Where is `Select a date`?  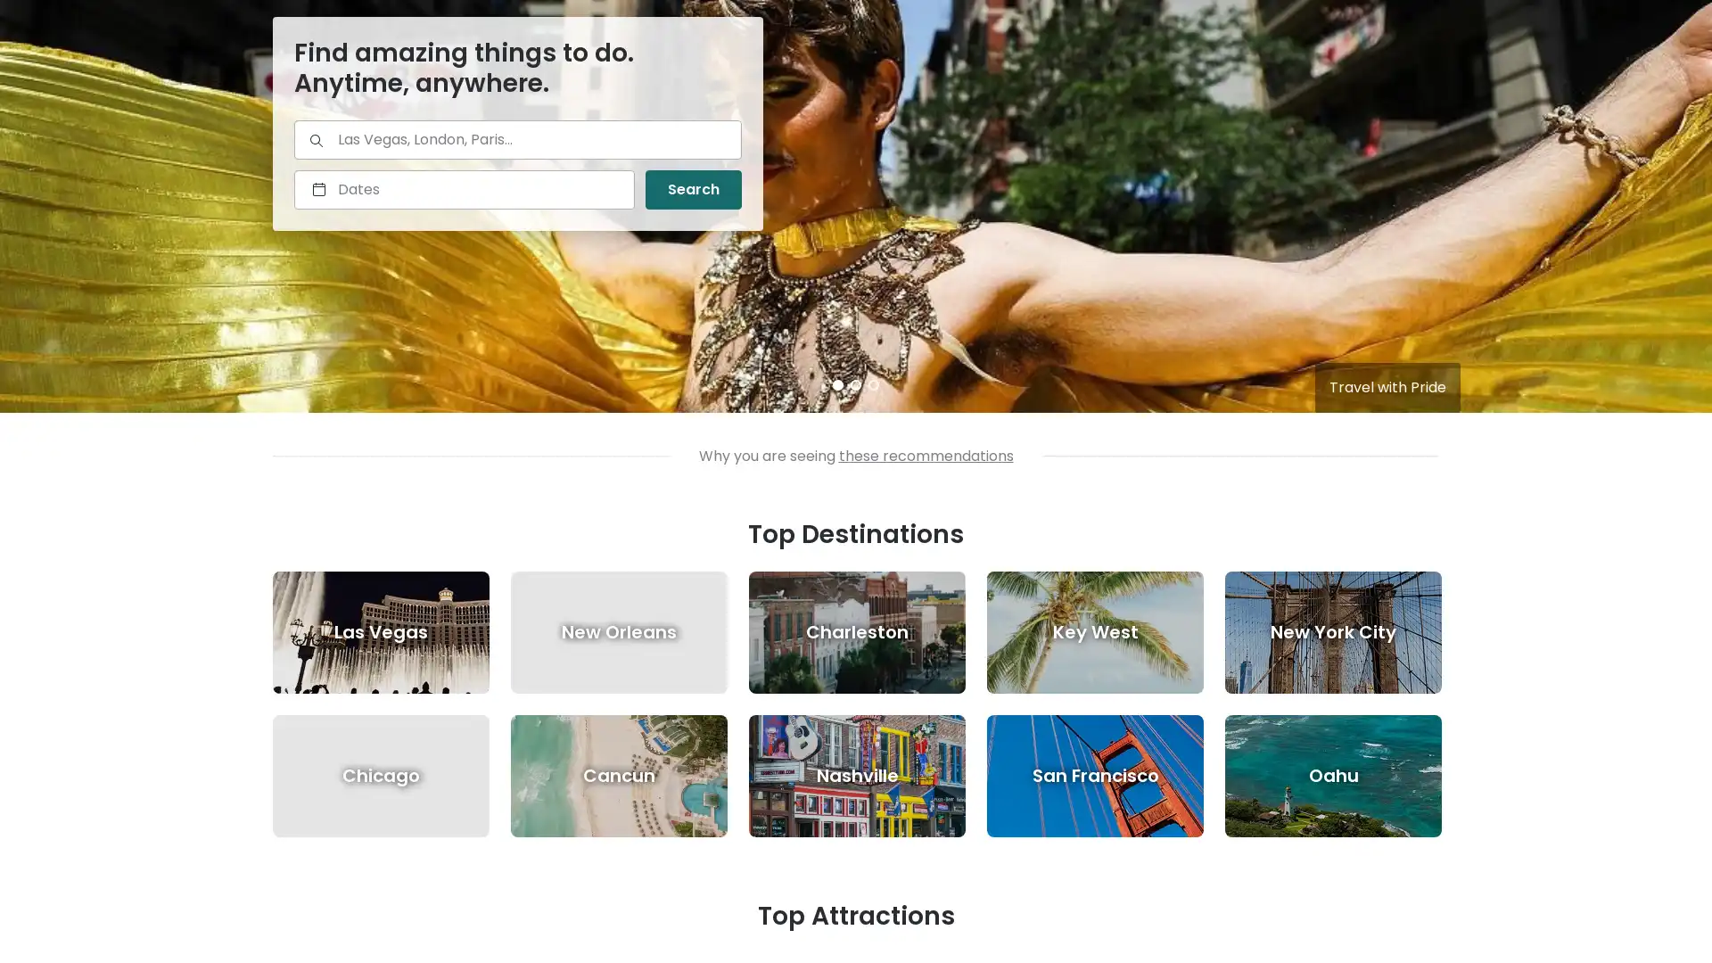 Select a date is located at coordinates (465, 189).